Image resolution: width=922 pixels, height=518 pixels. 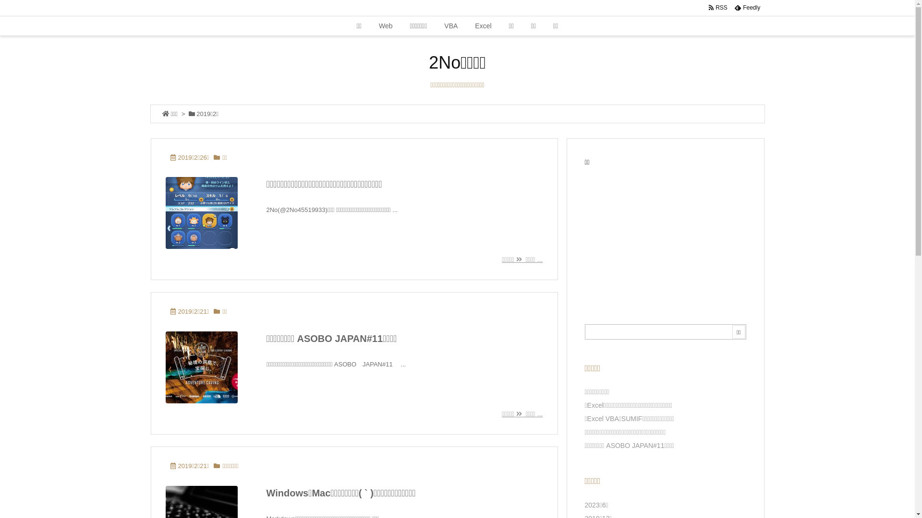 I want to click on '  RSS ', so click(x=717, y=7).